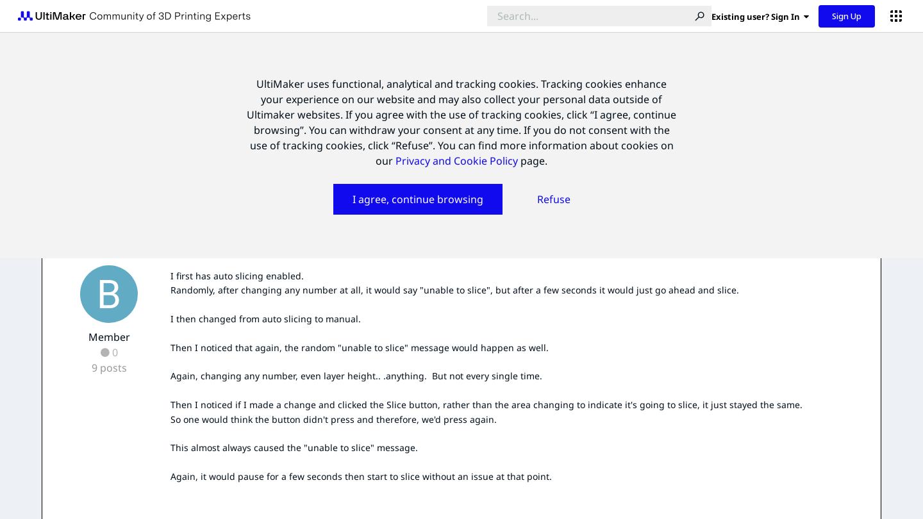 This screenshot has width=923, height=519. Describe the element at coordinates (236, 275) in the screenshot. I see `'I first has auto slicing enabled.'` at that location.